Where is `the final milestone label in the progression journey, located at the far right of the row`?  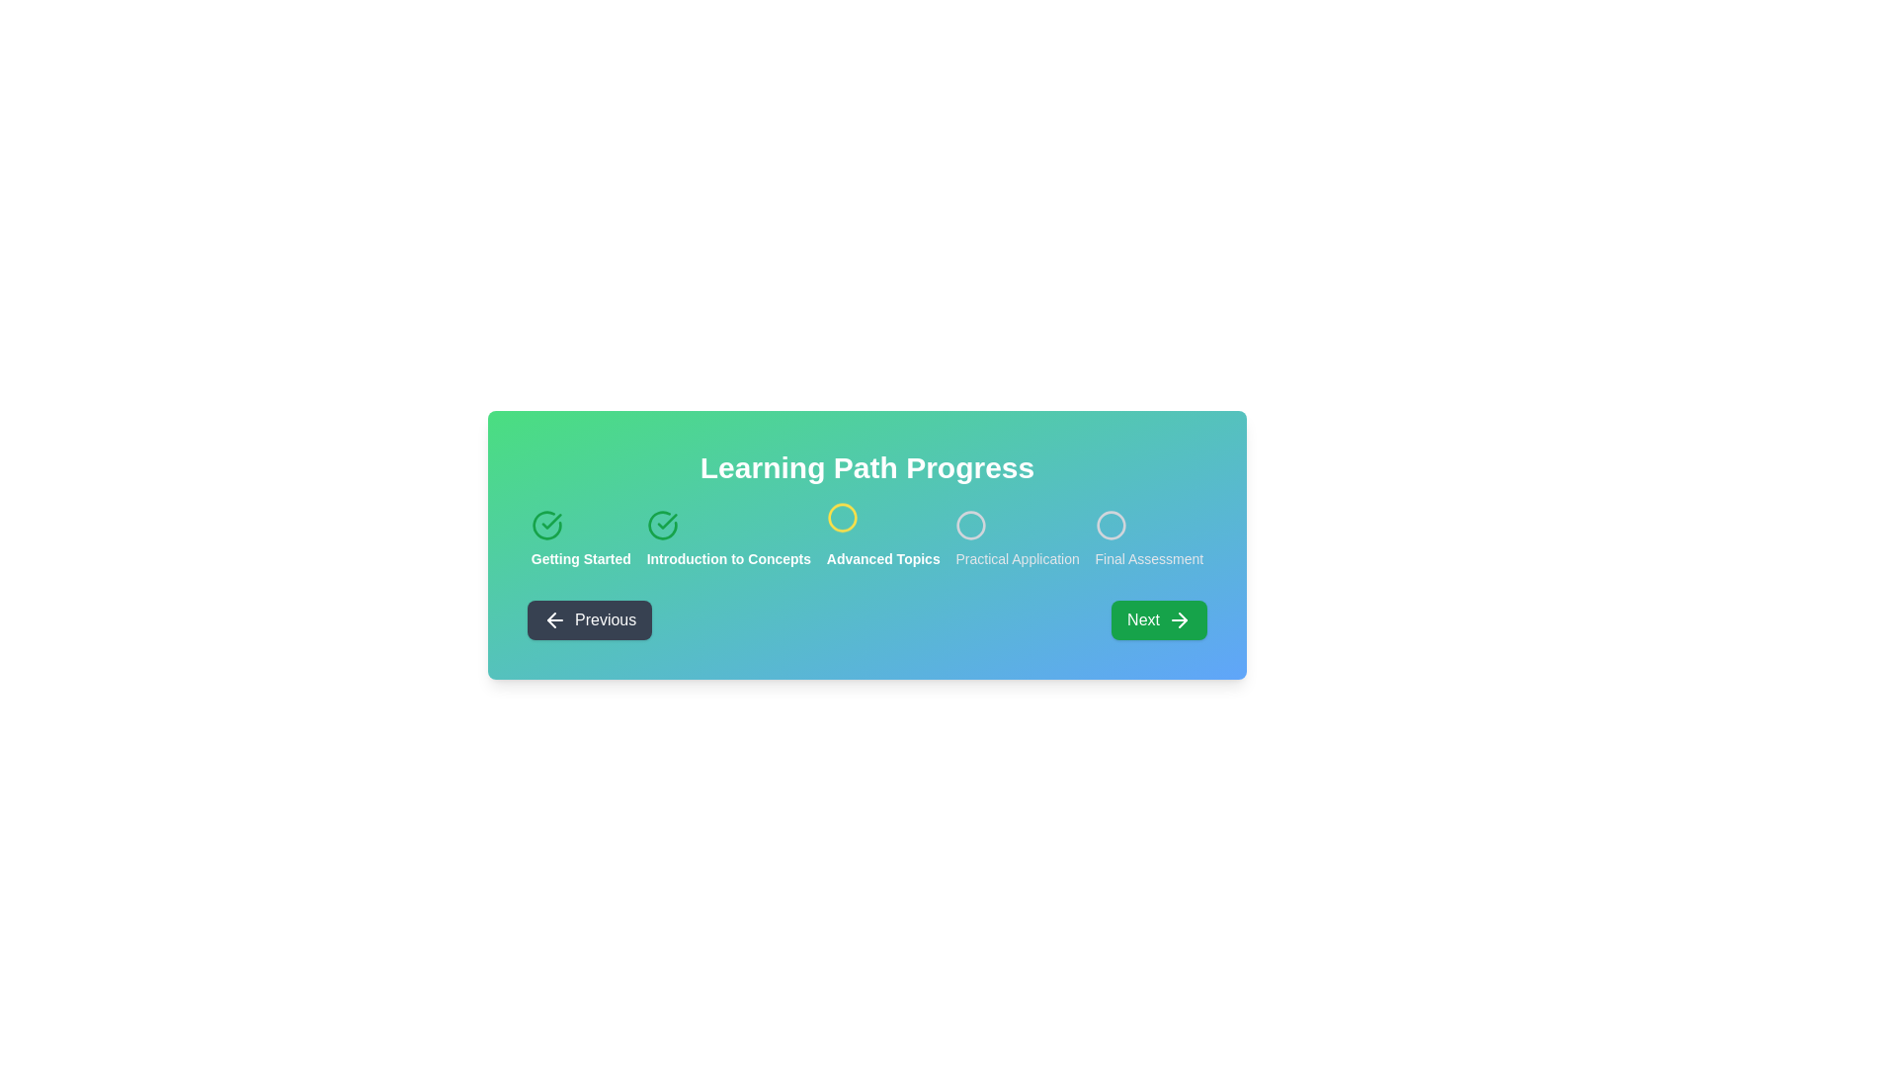 the final milestone label in the progression journey, located at the far right of the row is located at coordinates (1149, 559).